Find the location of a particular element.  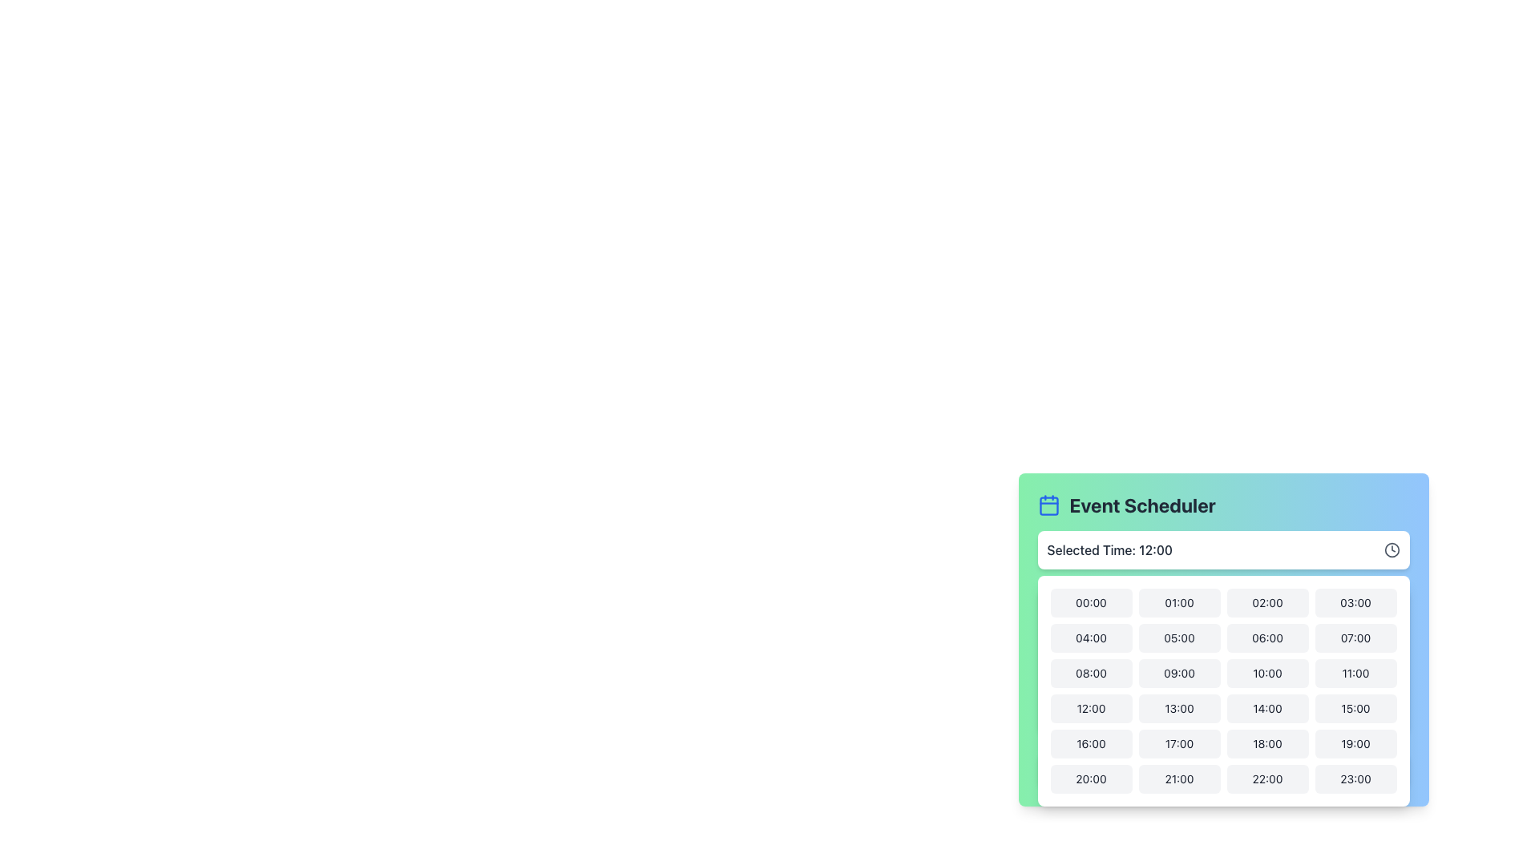

the rectangular button labeled '23:00' located in the last row and fourth column of the Event Scheduler popup, which has a dark gray text on a light gray background that turns blue when hovered over is located at coordinates (1355, 778).